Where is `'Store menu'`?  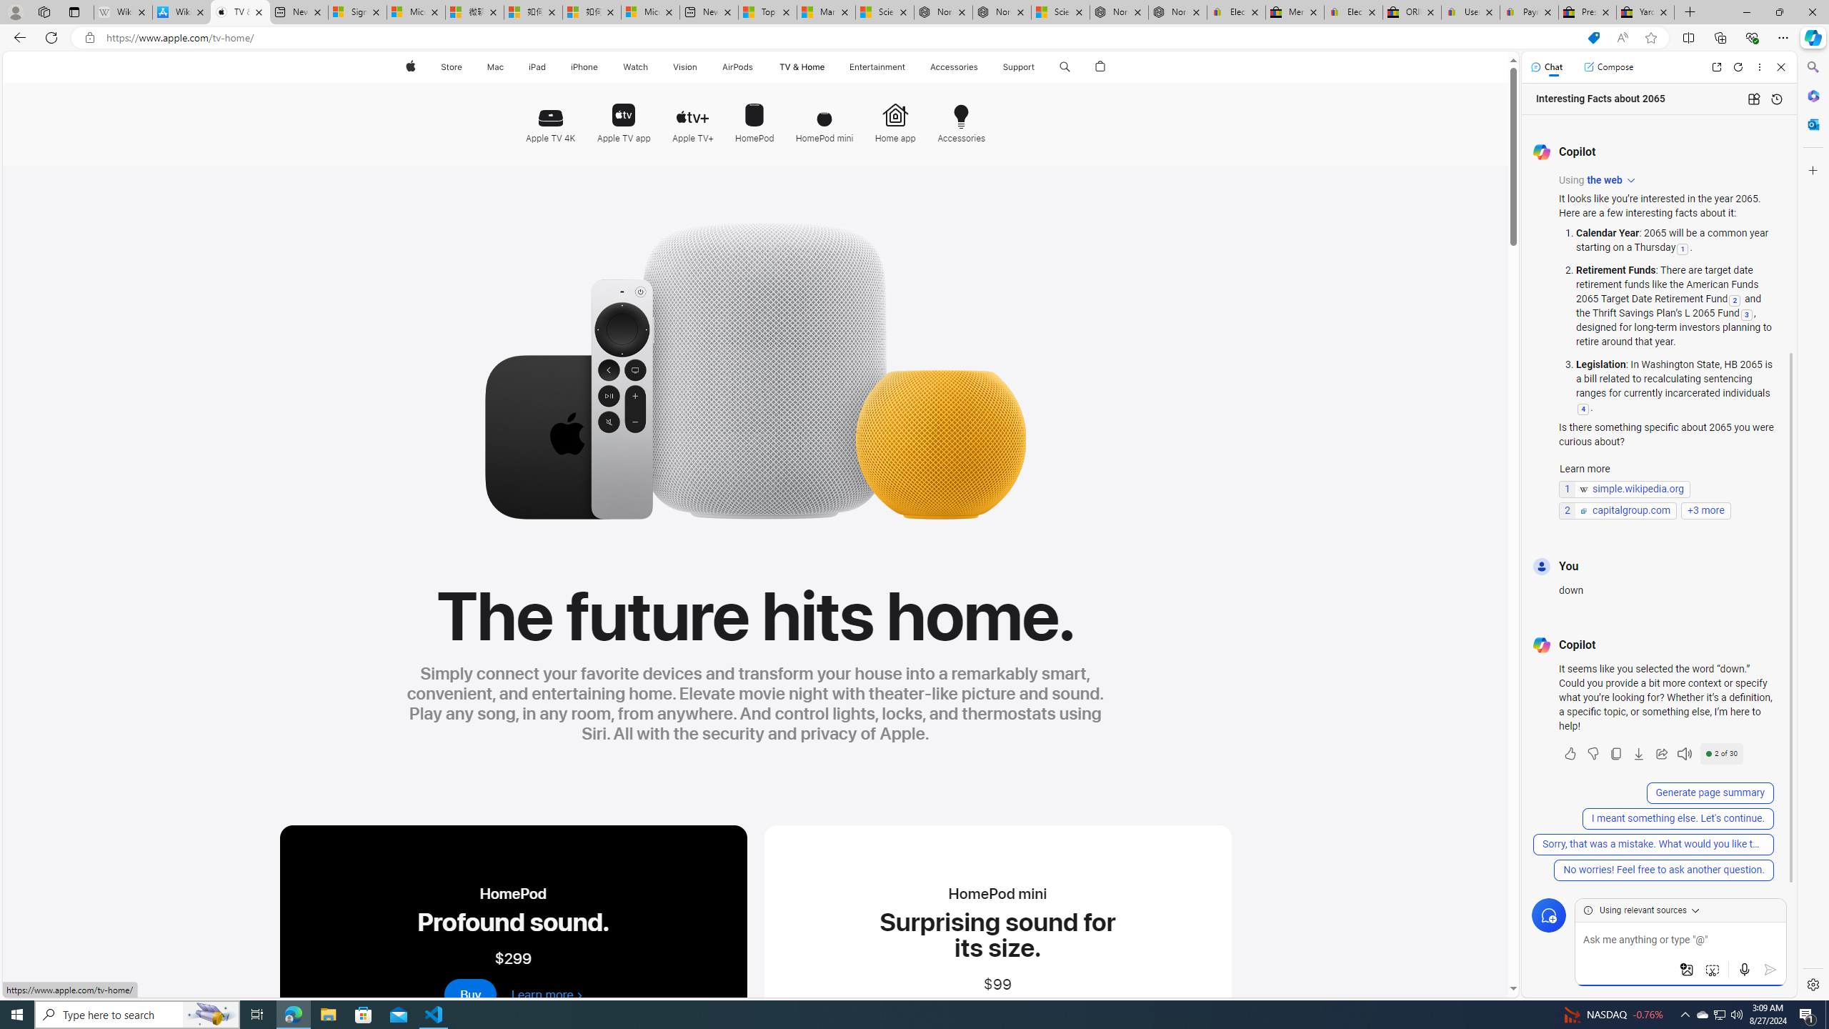 'Store menu' is located at coordinates (465, 66).